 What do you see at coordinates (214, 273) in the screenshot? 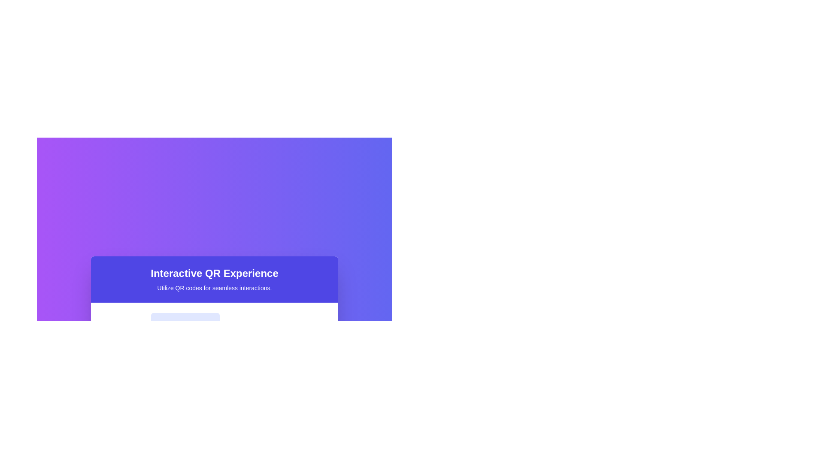
I see `the bold text block titled 'Interactive QR Experience', which is styled with a large font size and has a white font color on a deep blue rectangular background` at bounding box center [214, 273].